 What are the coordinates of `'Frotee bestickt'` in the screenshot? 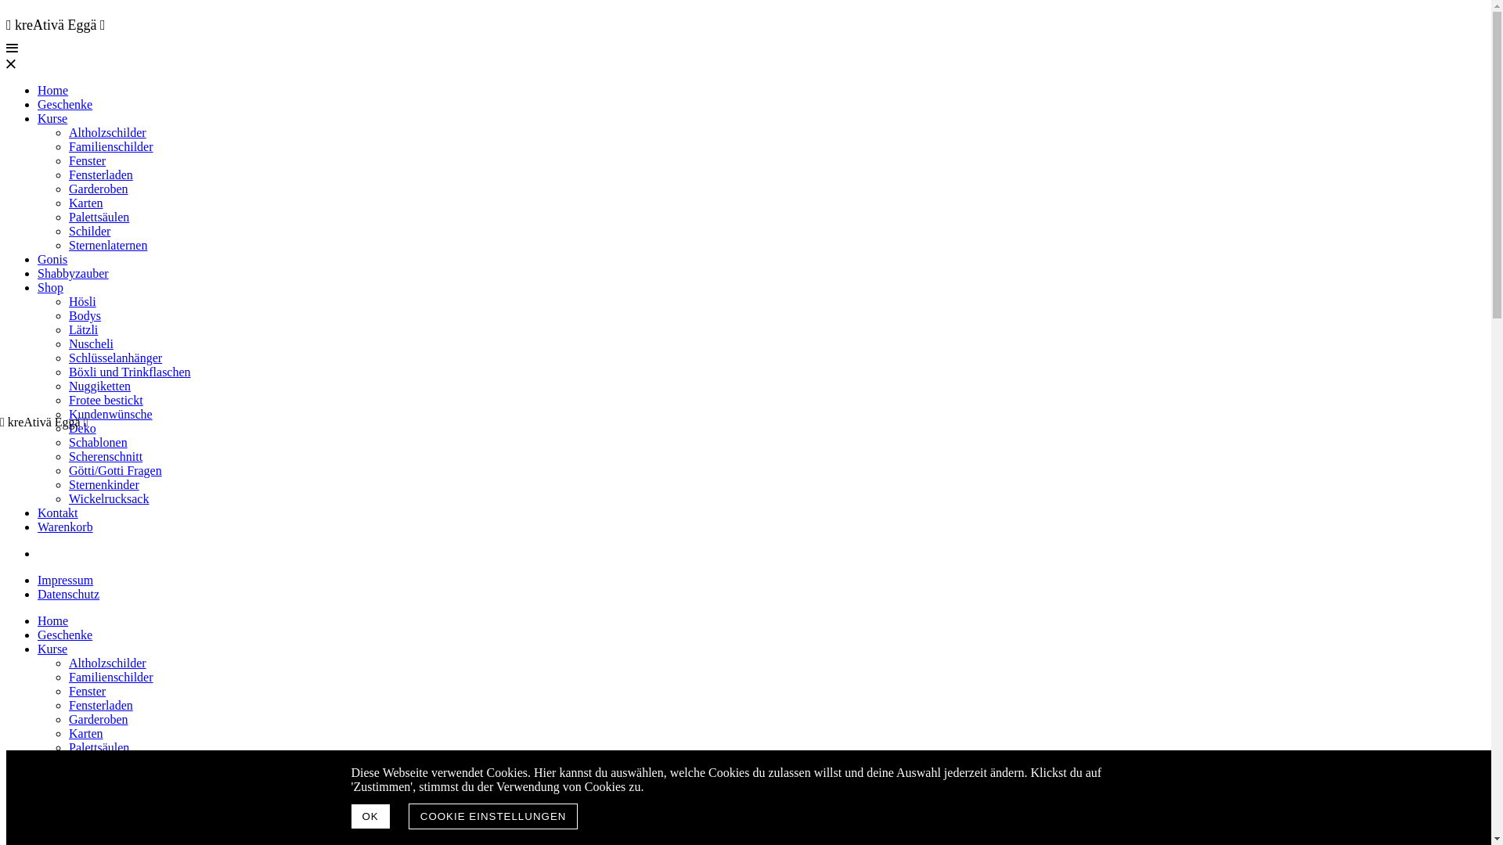 It's located at (67, 399).